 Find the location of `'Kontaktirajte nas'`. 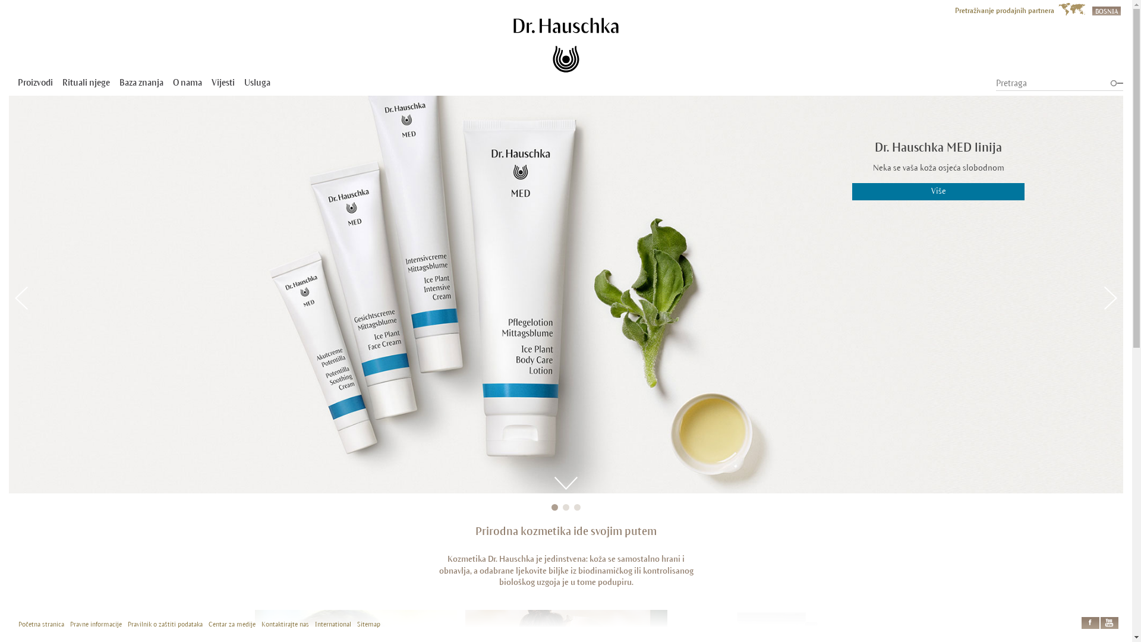

'Kontaktirajte nas' is located at coordinates (285, 624).